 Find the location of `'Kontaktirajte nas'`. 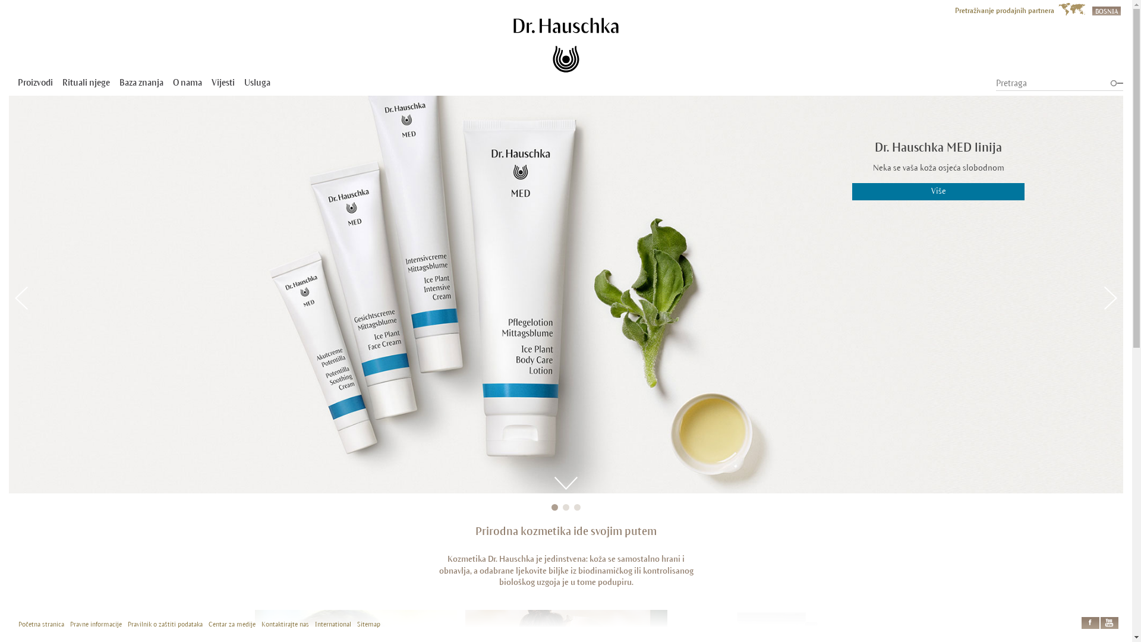

'Kontaktirajte nas' is located at coordinates (285, 624).